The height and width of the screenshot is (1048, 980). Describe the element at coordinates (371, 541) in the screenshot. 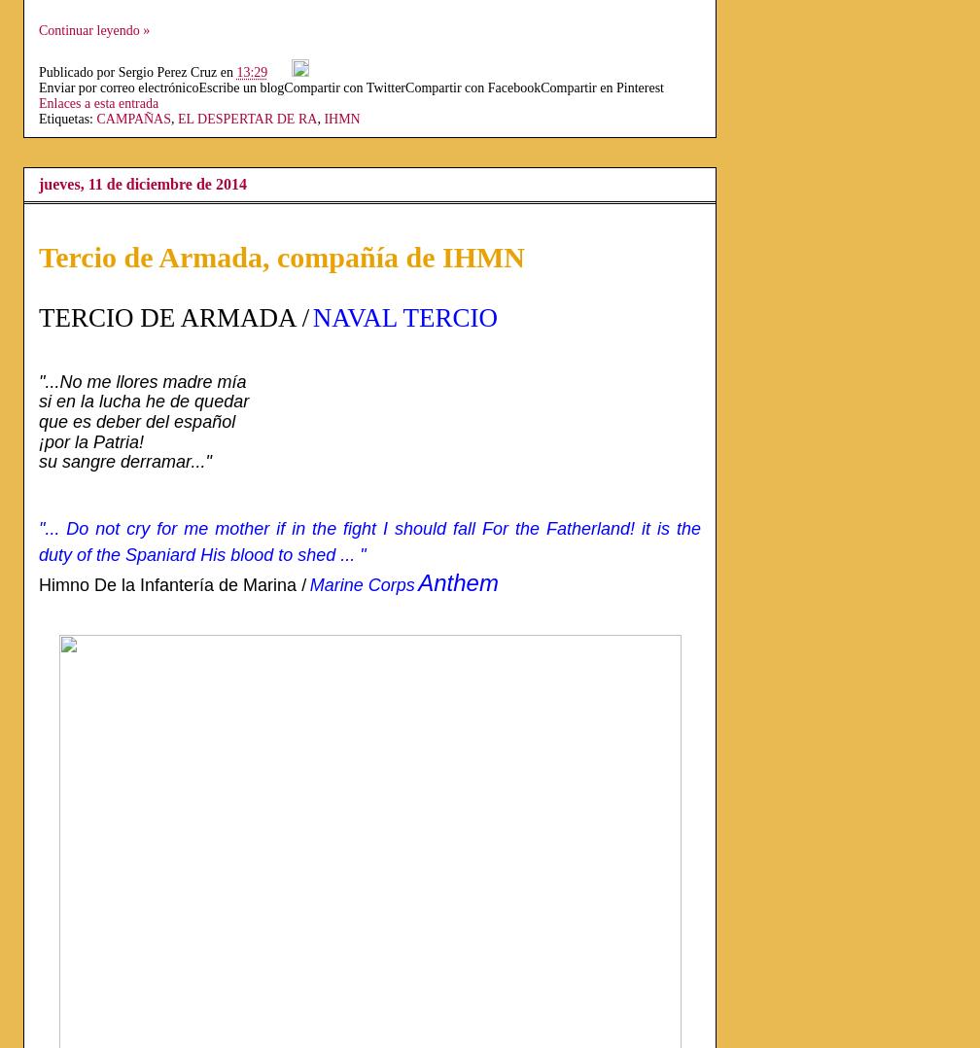

I see `'it is the duty of the Spaniard'` at that location.